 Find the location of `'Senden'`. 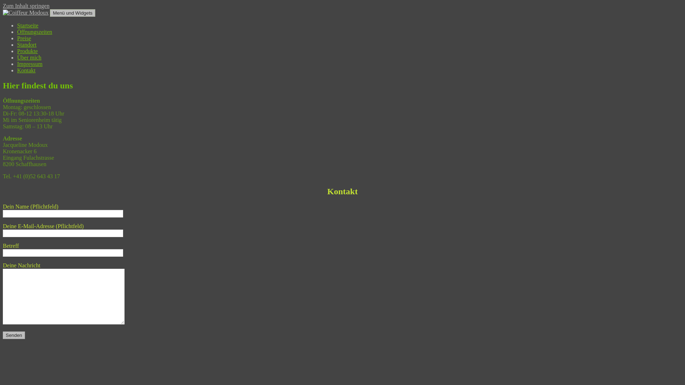

'Senden' is located at coordinates (14, 335).